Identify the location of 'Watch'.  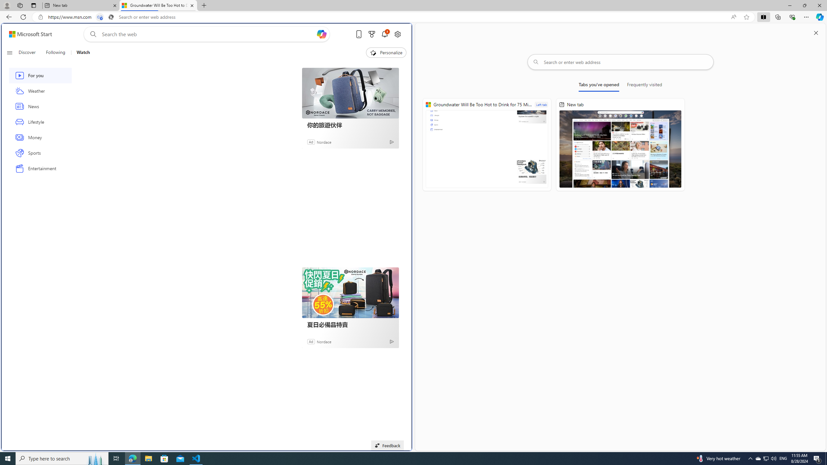
(80, 52).